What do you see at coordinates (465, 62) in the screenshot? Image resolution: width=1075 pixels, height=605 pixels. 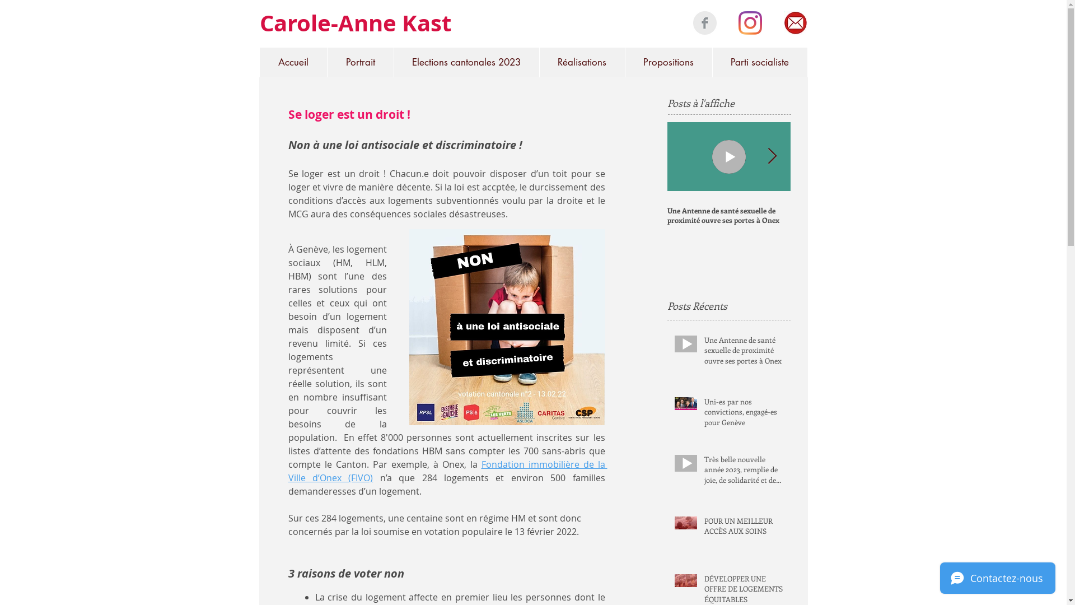 I see `'Elections cantonales 2023'` at bounding box center [465, 62].